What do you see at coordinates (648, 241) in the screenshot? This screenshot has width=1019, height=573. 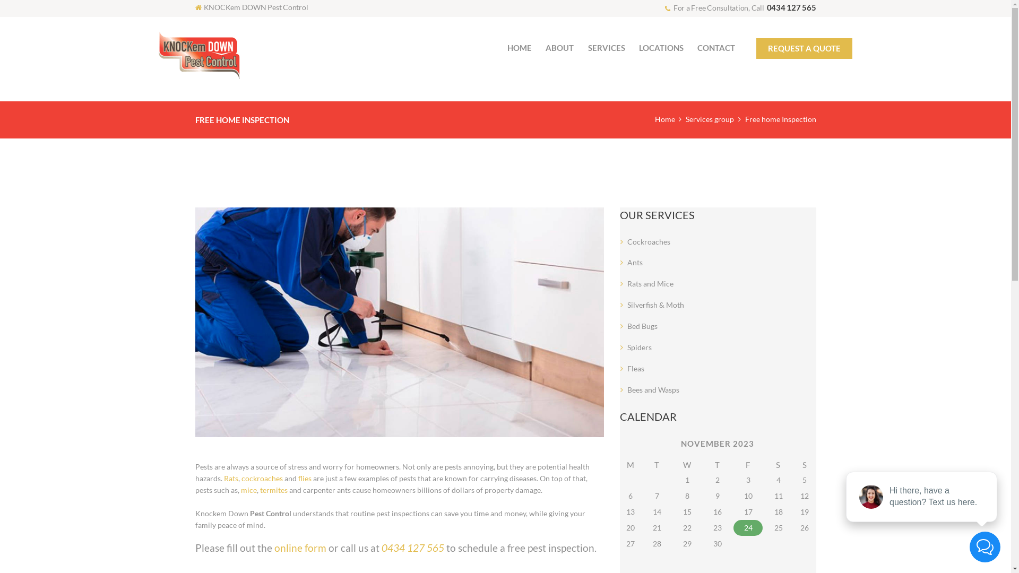 I see `'Cockroaches'` at bounding box center [648, 241].